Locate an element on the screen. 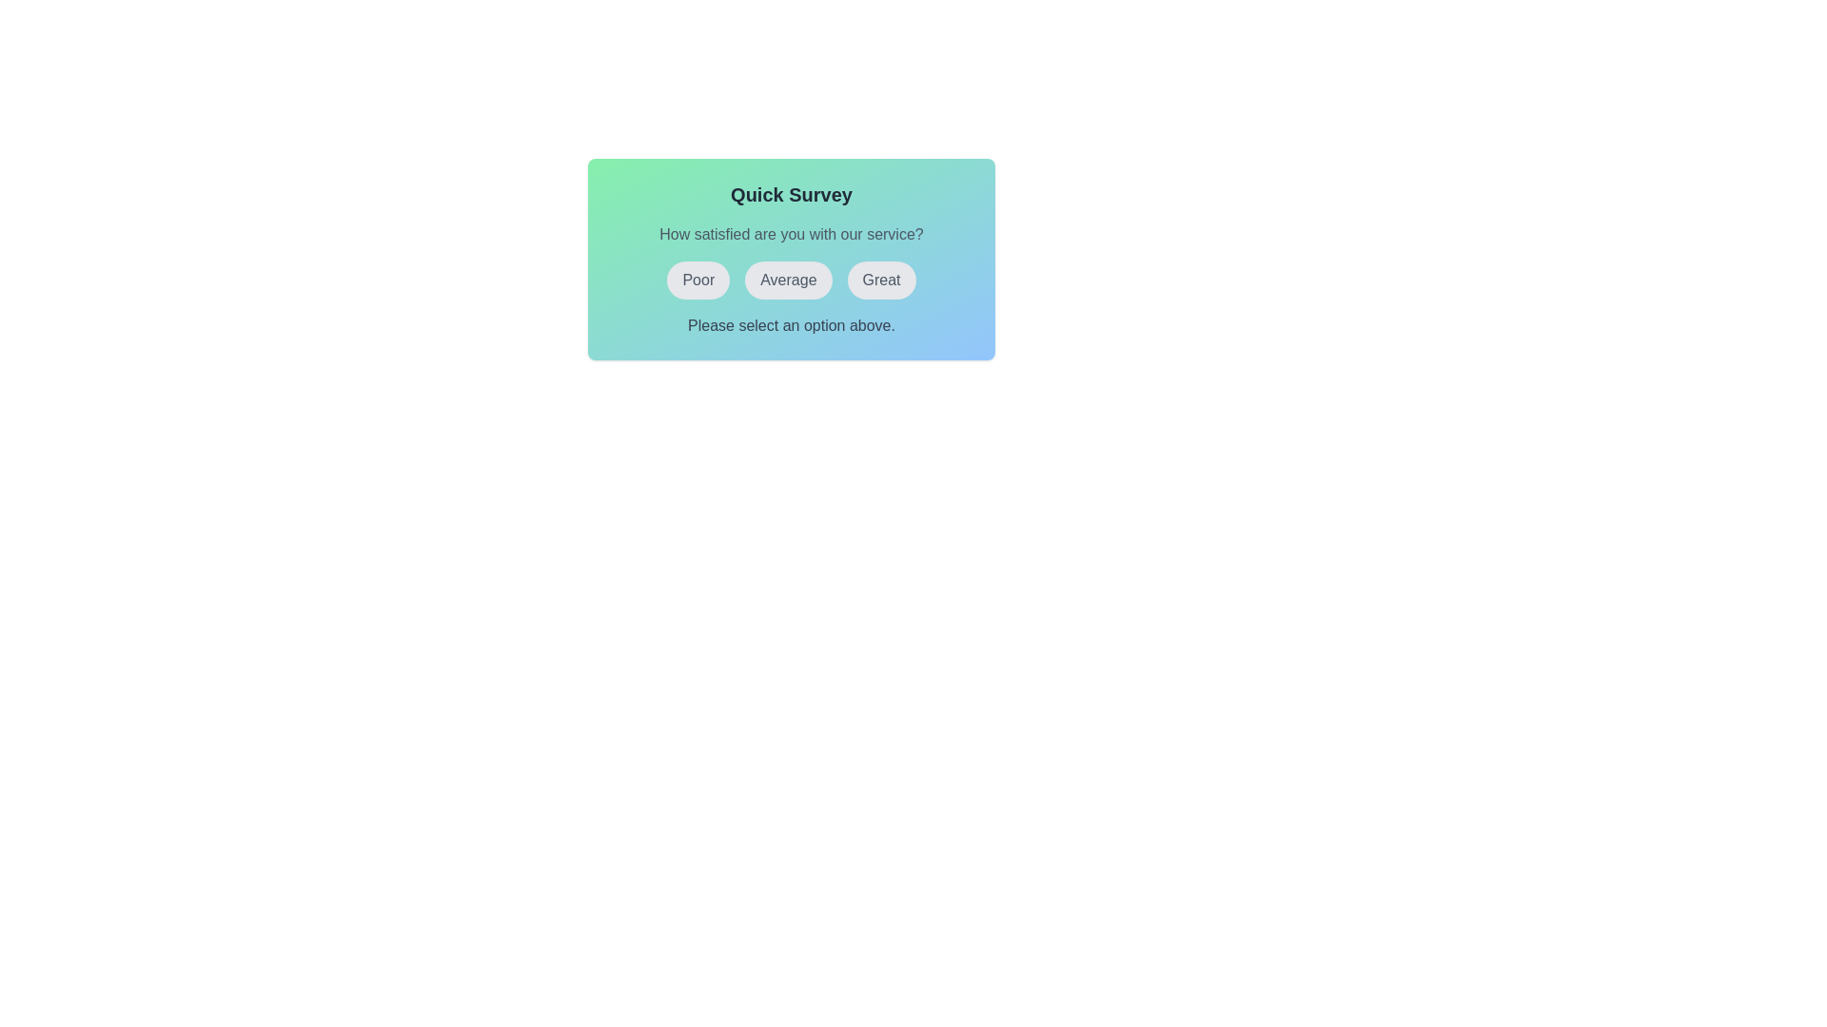  the button labeled Poor is located at coordinates (697, 280).